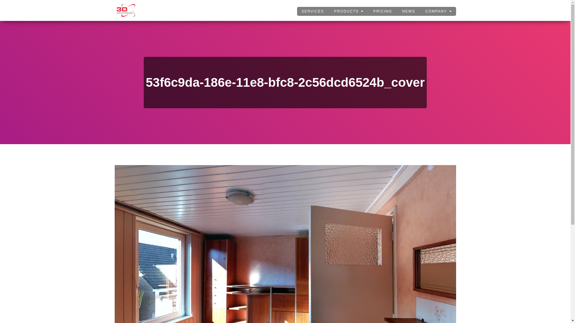  What do you see at coordinates (408, 11) in the screenshot?
I see `'NEWS'` at bounding box center [408, 11].